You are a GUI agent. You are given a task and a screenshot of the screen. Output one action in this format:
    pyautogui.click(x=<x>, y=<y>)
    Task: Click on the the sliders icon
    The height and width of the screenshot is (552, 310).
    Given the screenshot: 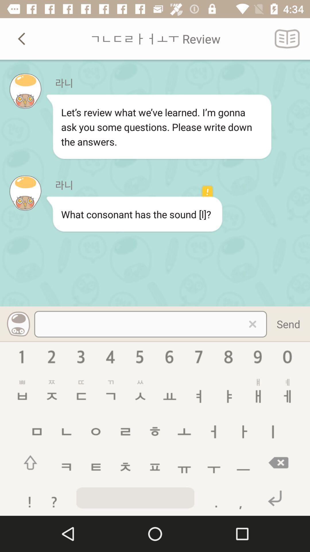 What is the action you would take?
    pyautogui.click(x=258, y=392)
    